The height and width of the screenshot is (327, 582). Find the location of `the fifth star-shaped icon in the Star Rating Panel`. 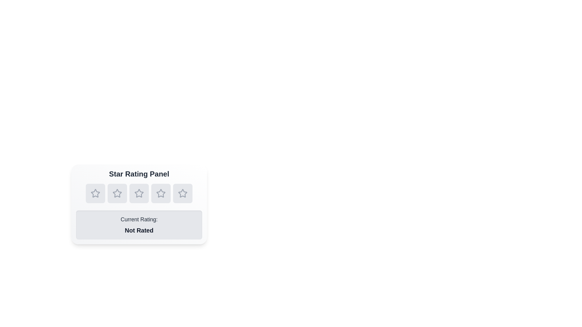

the fifth star-shaped icon in the Star Rating Panel is located at coordinates (182, 193).